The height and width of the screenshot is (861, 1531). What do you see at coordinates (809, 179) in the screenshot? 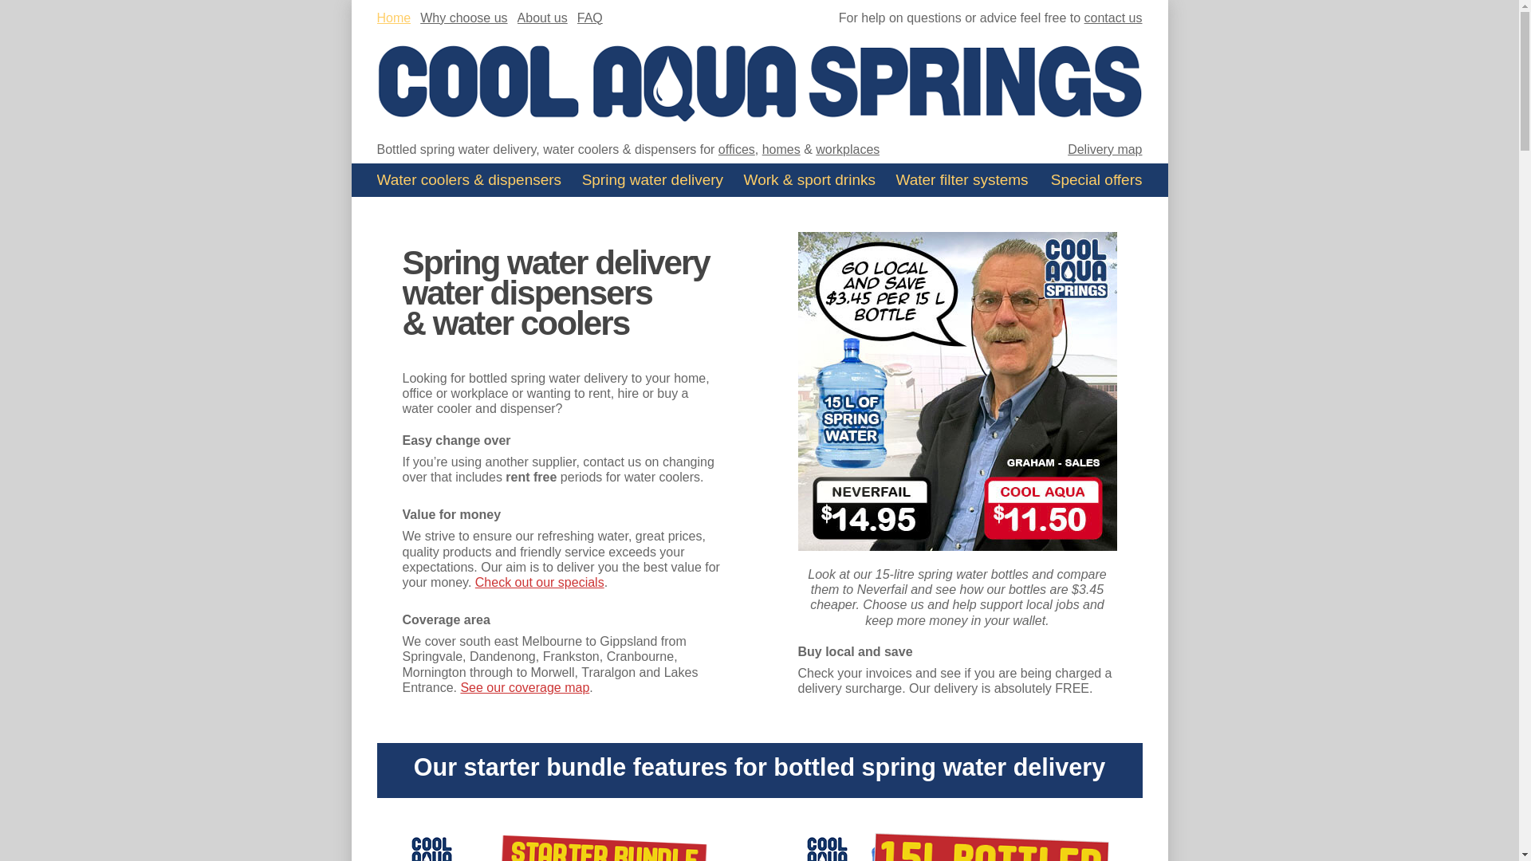
I see `'Work & sport drinks'` at bounding box center [809, 179].